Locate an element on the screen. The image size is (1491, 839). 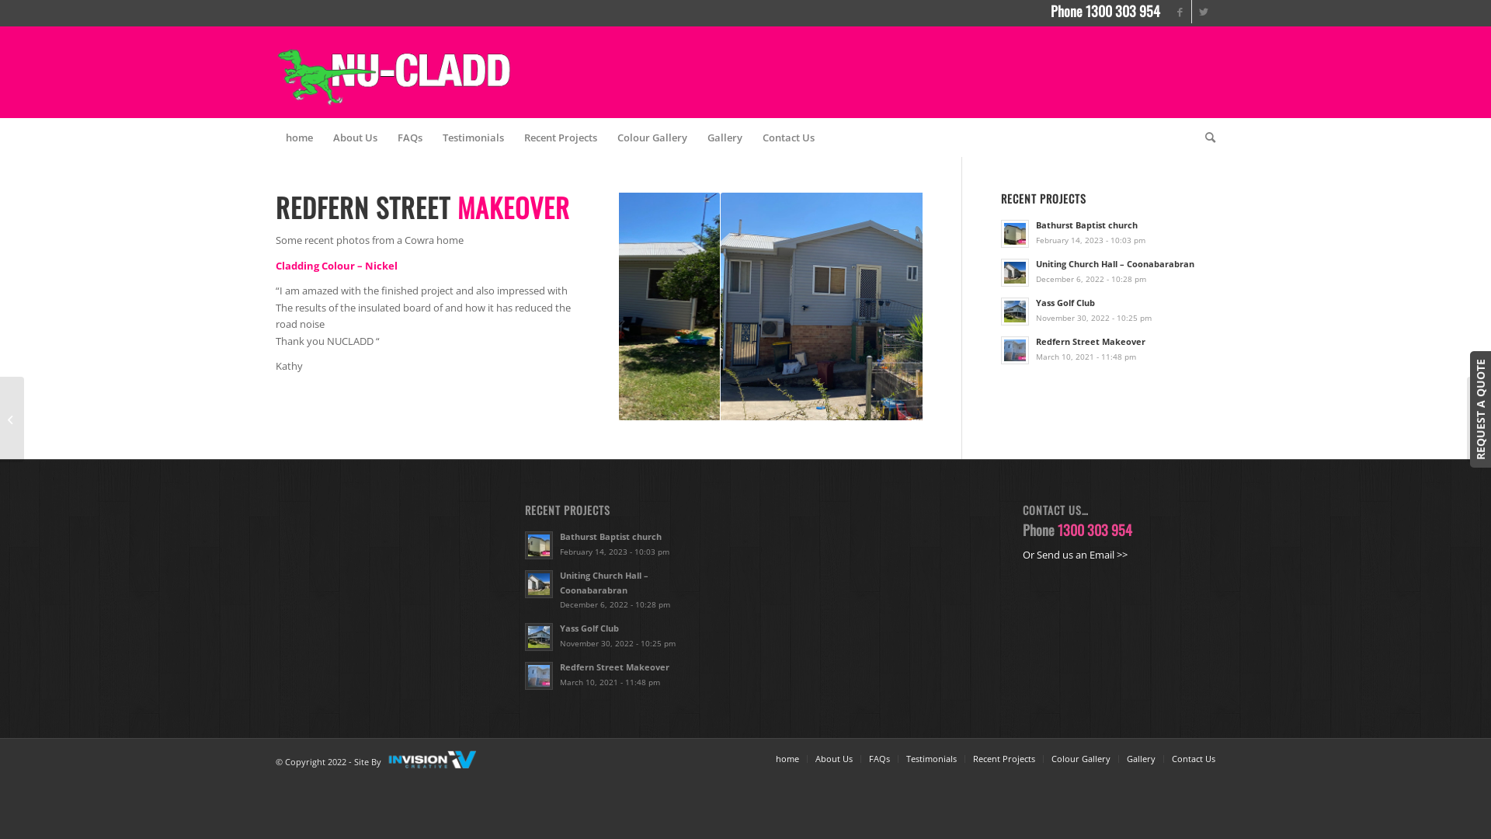
'Redfern Street Makeover is located at coordinates (621, 673).